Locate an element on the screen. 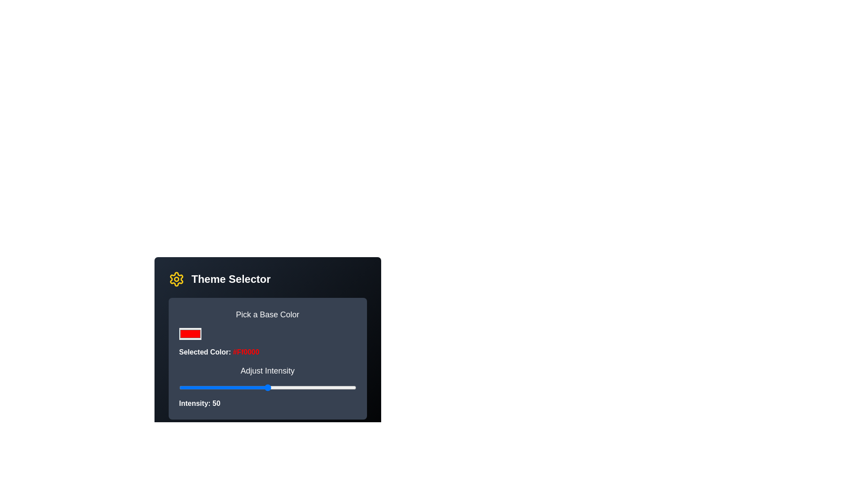  the intensity slider to 83% is located at coordinates (325, 387).